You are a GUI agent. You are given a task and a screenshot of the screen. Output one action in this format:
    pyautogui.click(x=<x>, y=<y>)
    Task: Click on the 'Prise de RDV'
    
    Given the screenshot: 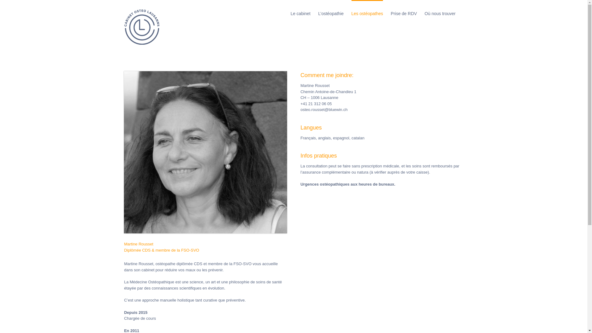 What is the action you would take?
    pyautogui.click(x=404, y=13)
    